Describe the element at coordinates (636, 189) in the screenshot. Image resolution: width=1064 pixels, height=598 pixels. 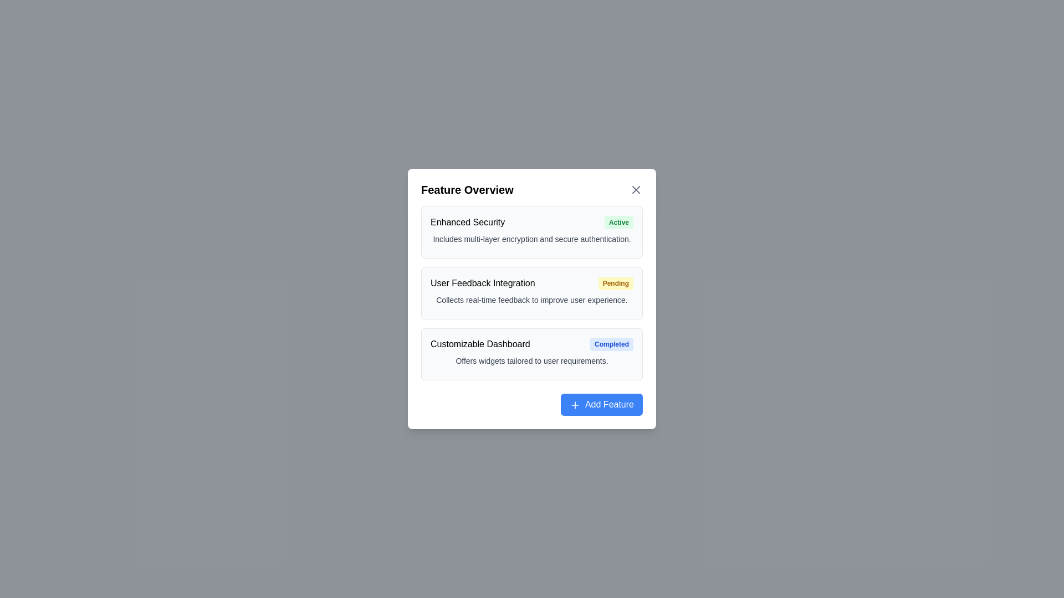
I see `the 'X' button located in the top right corner of the 'Feature Overview' dialog box` at that location.